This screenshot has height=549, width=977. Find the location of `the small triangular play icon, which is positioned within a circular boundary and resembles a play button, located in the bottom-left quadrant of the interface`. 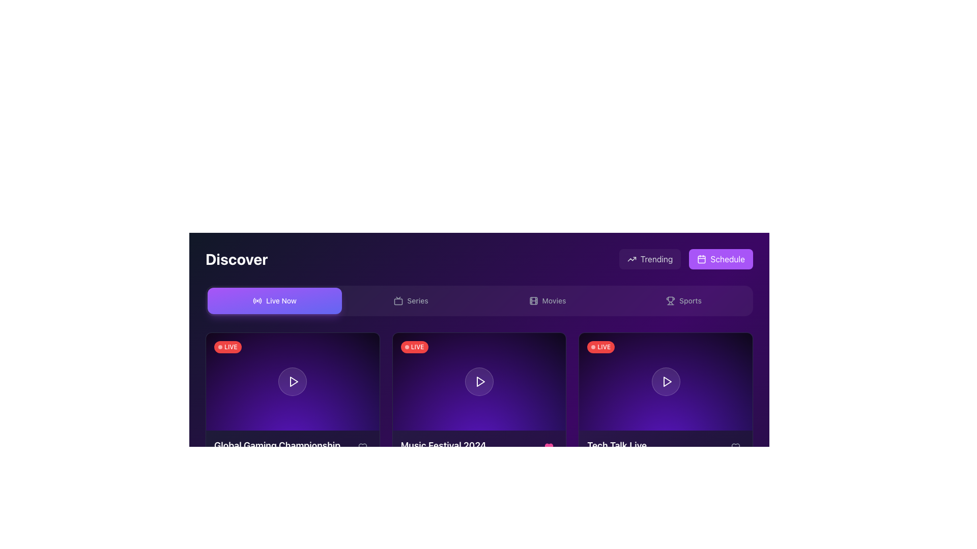

the small triangular play icon, which is positioned within a circular boundary and resembles a play button, located in the bottom-left quadrant of the interface is located at coordinates (294, 381).